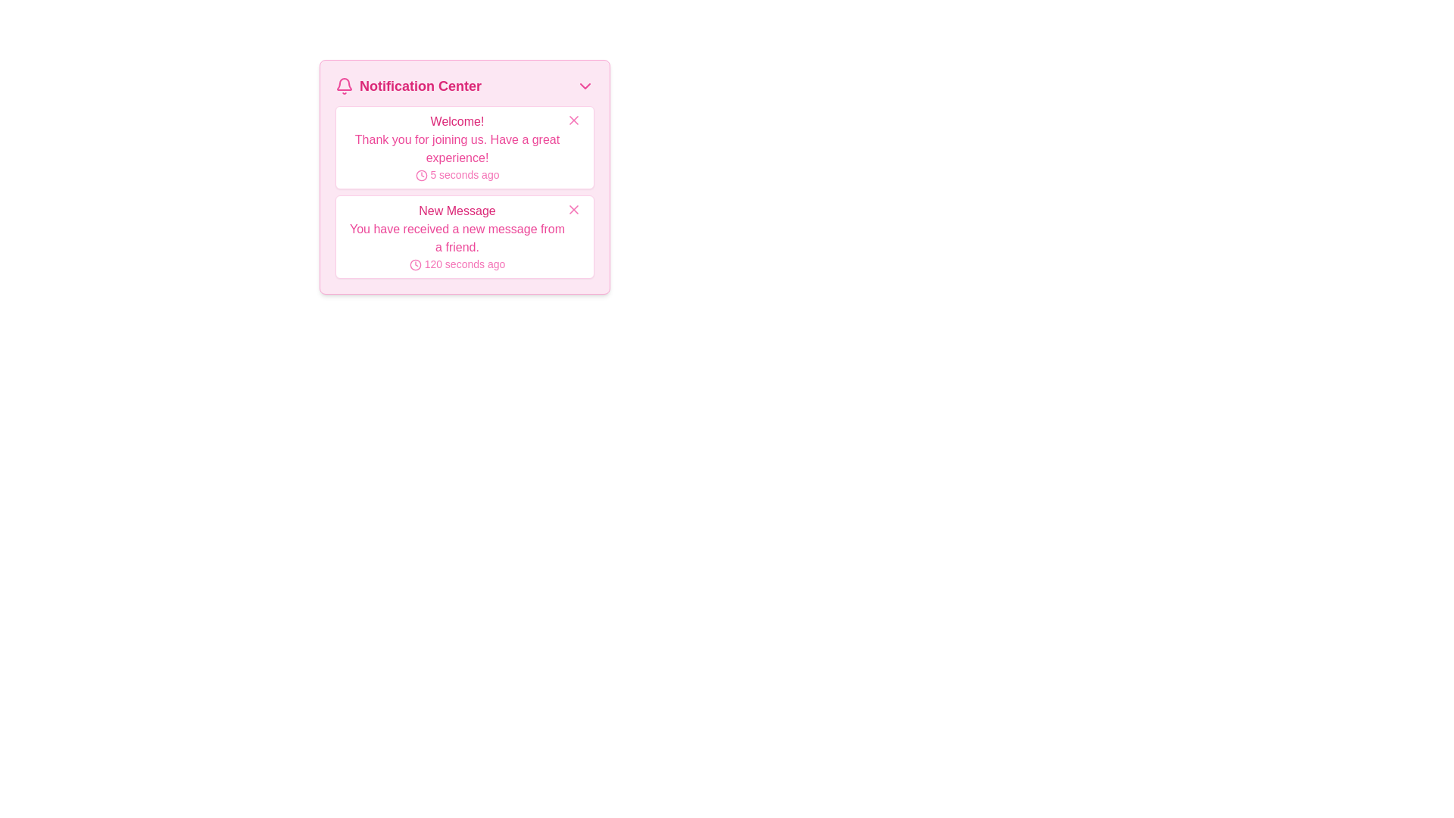  What do you see at coordinates (457, 148) in the screenshot?
I see `the upper notification card in the notification center` at bounding box center [457, 148].